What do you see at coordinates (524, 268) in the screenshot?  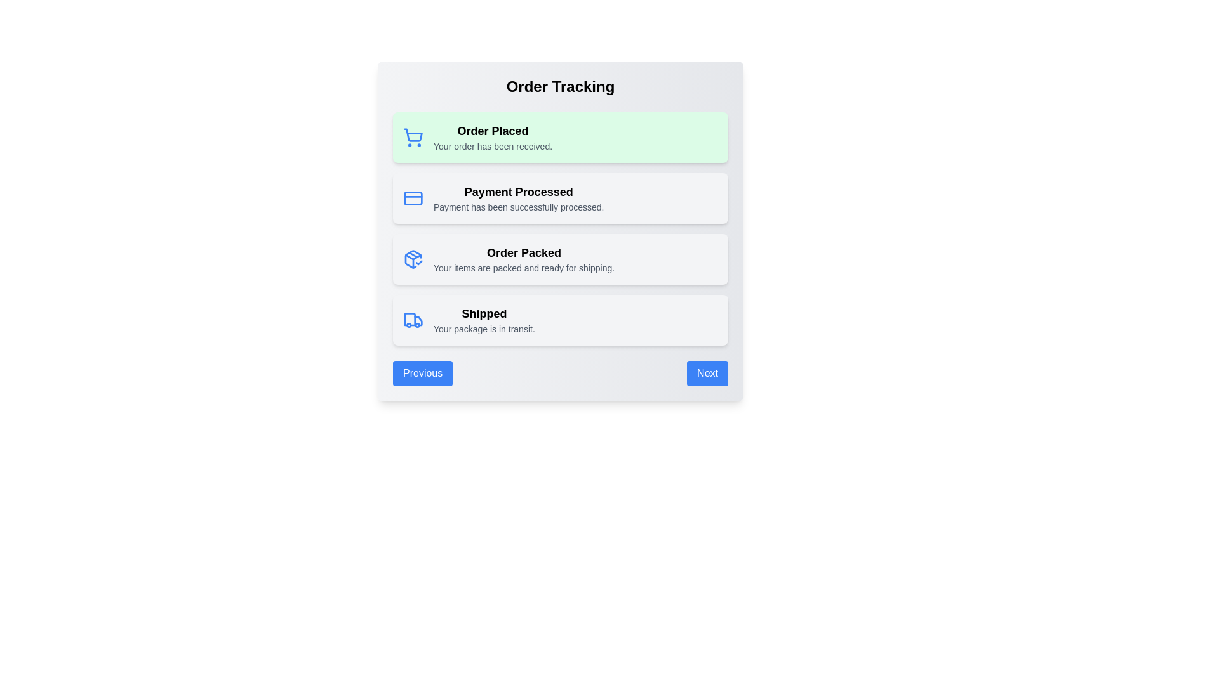 I see `the Text Label that provides status information about an order being packed and ready for shipping, located below the 'Order Packed' heading in the structured column` at bounding box center [524, 268].